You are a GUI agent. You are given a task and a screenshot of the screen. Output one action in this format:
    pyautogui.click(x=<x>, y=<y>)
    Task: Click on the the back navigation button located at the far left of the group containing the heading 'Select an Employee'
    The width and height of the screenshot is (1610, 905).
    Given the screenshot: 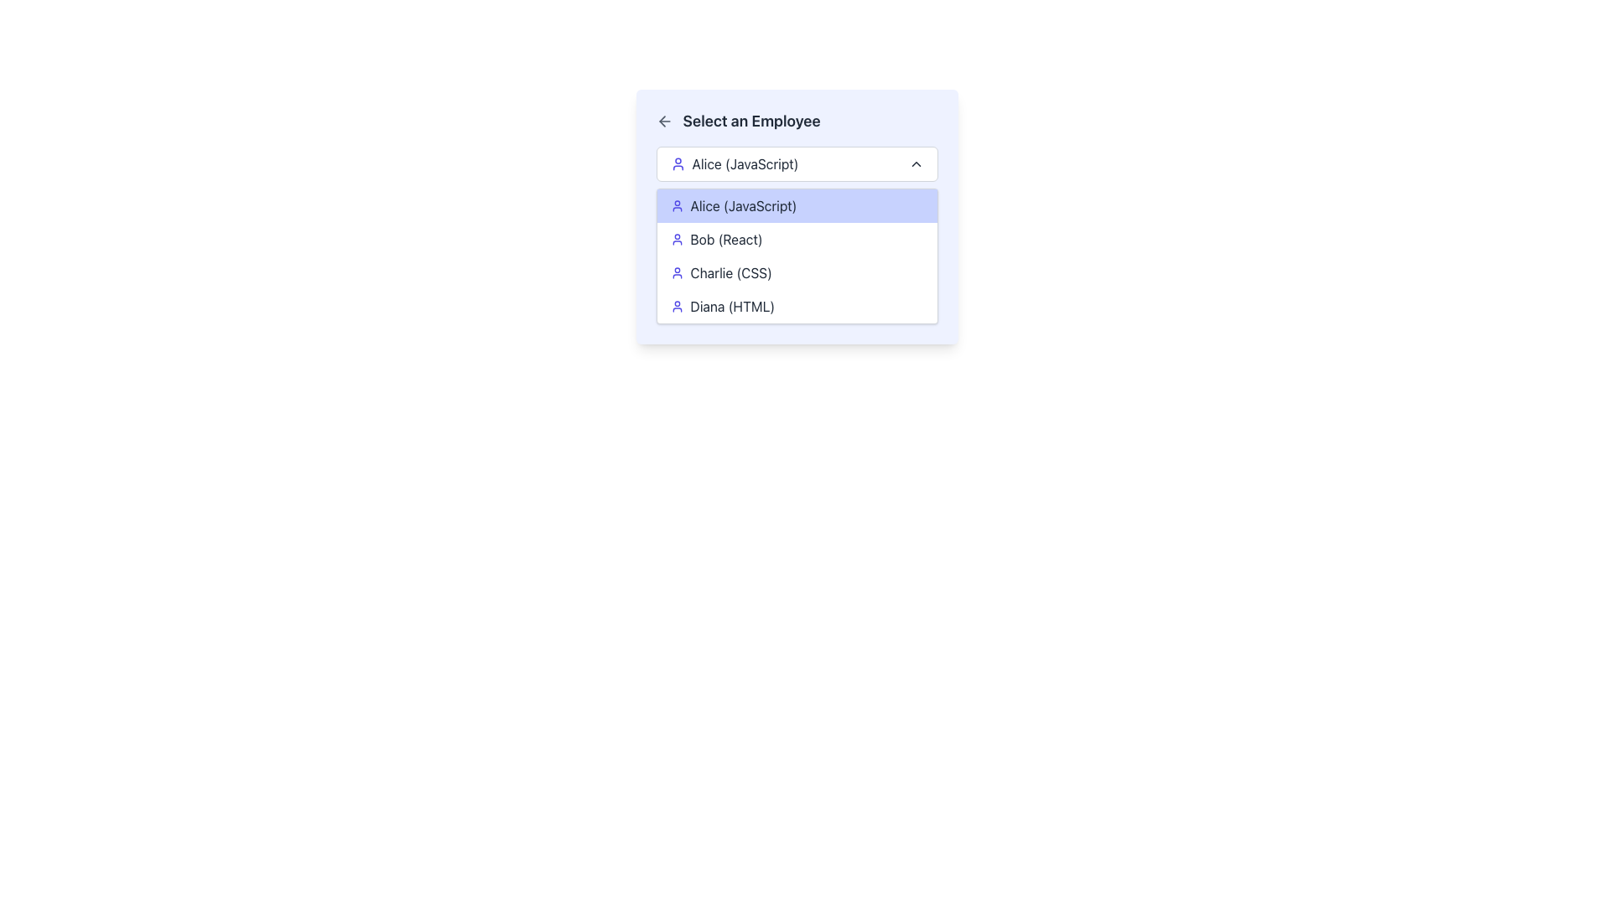 What is the action you would take?
    pyautogui.click(x=663, y=121)
    